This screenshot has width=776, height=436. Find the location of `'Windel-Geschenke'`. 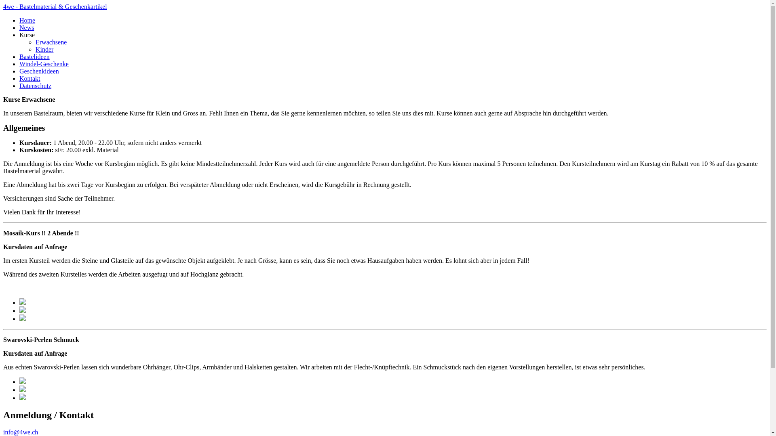

'Windel-Geschenke' is located at coordinates (44, 63).